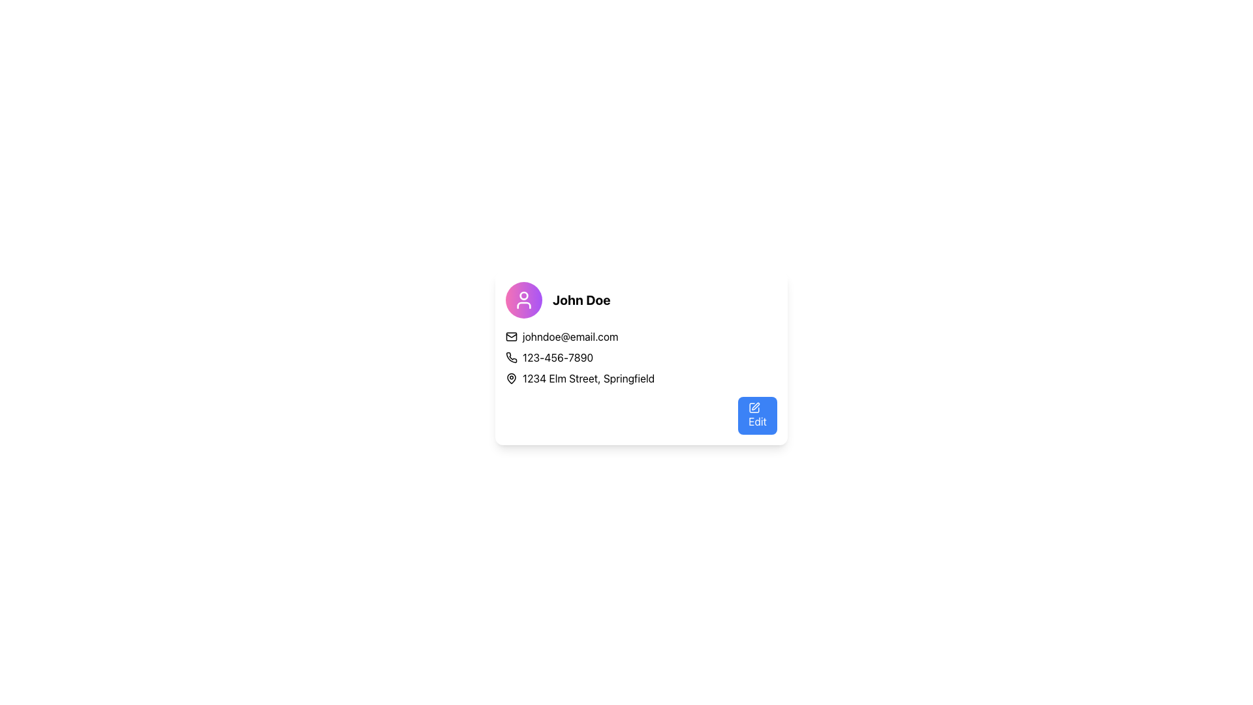  What do you see at coordinates (758, 415) in the screenshot?
I see `the edit button located at the bottom-right corner of the user information card to initiate an editing action` at bounding box center [758, 415].